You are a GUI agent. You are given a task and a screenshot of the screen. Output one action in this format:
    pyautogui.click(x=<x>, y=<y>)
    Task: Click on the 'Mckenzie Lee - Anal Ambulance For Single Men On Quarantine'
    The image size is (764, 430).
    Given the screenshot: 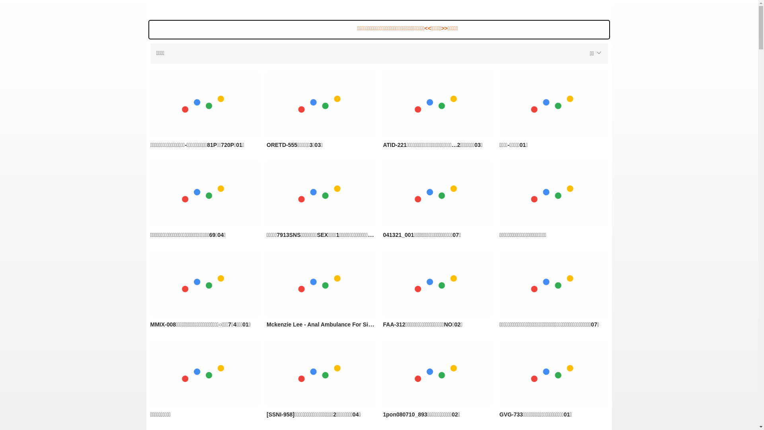 What is the action you would take?
    pyautogui.click(x=321, y=283)
    